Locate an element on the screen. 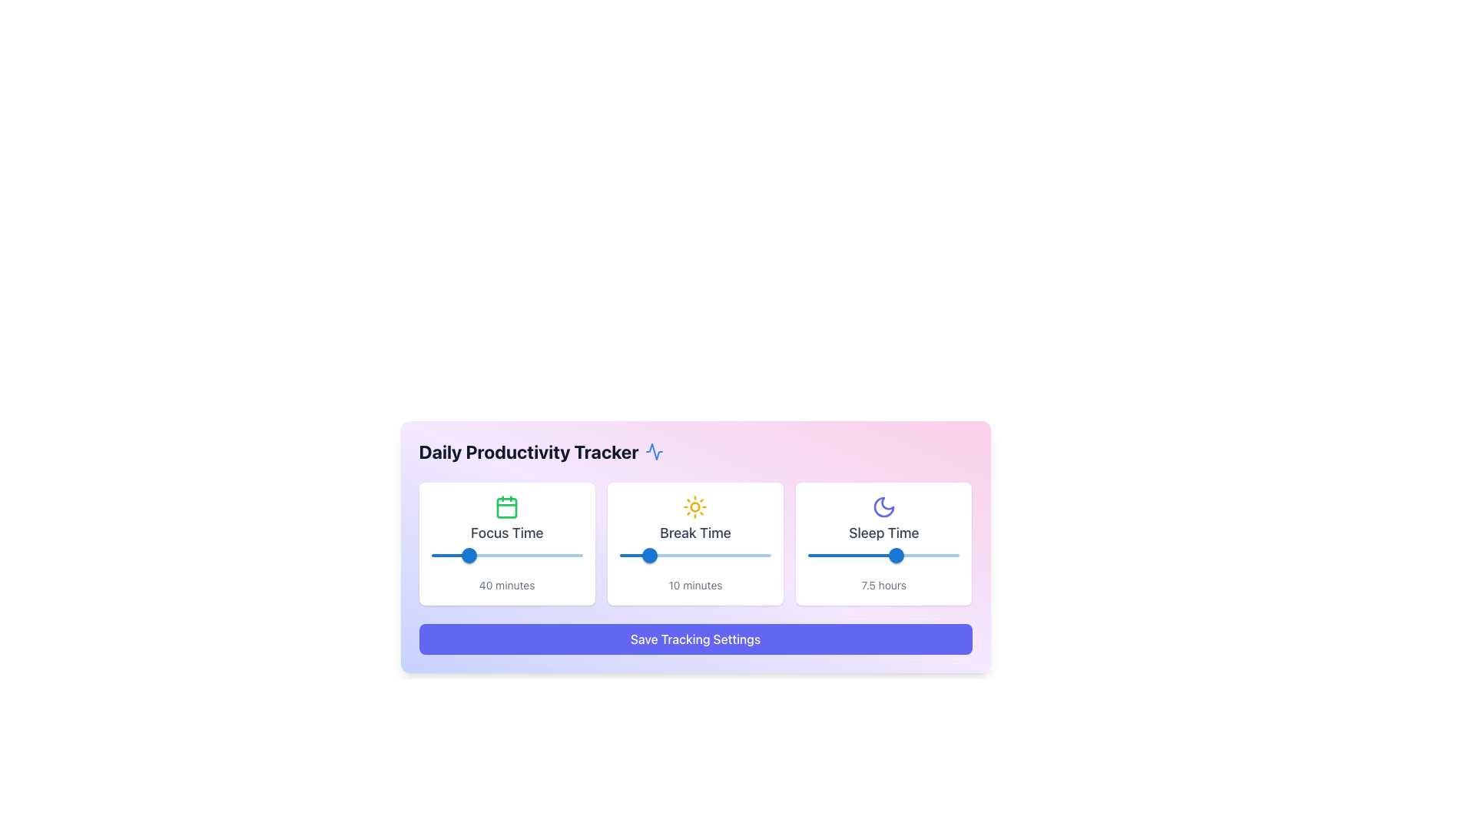 This screenshot has width=1475, height=830. the 'Focus Time' slider is located at coordinates (446, 553).